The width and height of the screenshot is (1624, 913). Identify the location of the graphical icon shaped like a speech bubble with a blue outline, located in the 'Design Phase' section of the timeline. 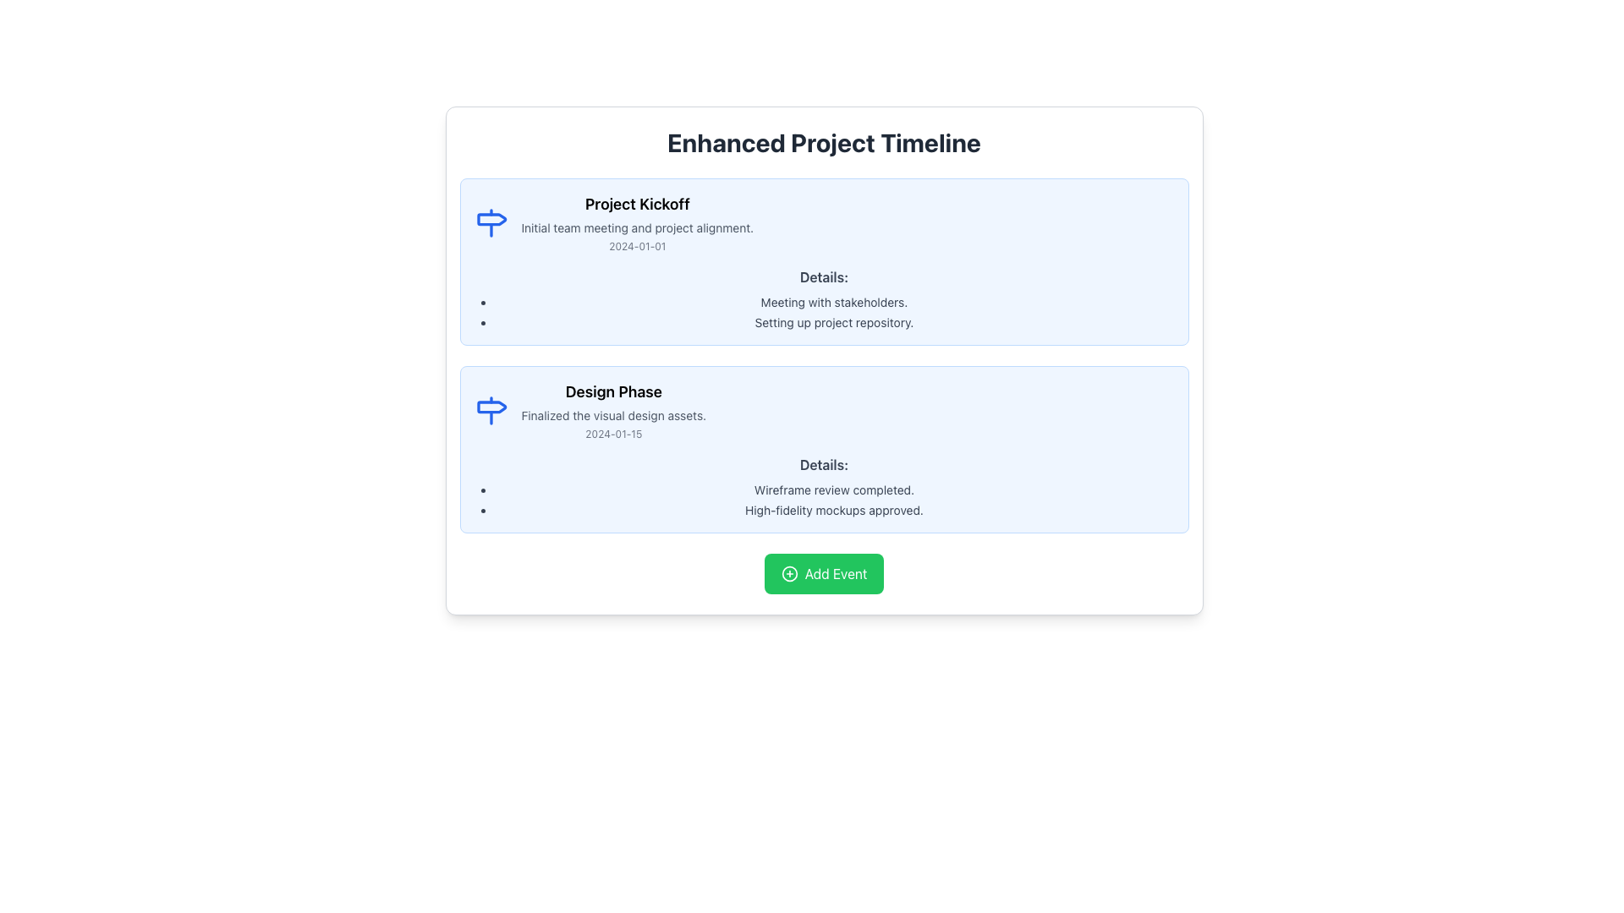
(491, 407).